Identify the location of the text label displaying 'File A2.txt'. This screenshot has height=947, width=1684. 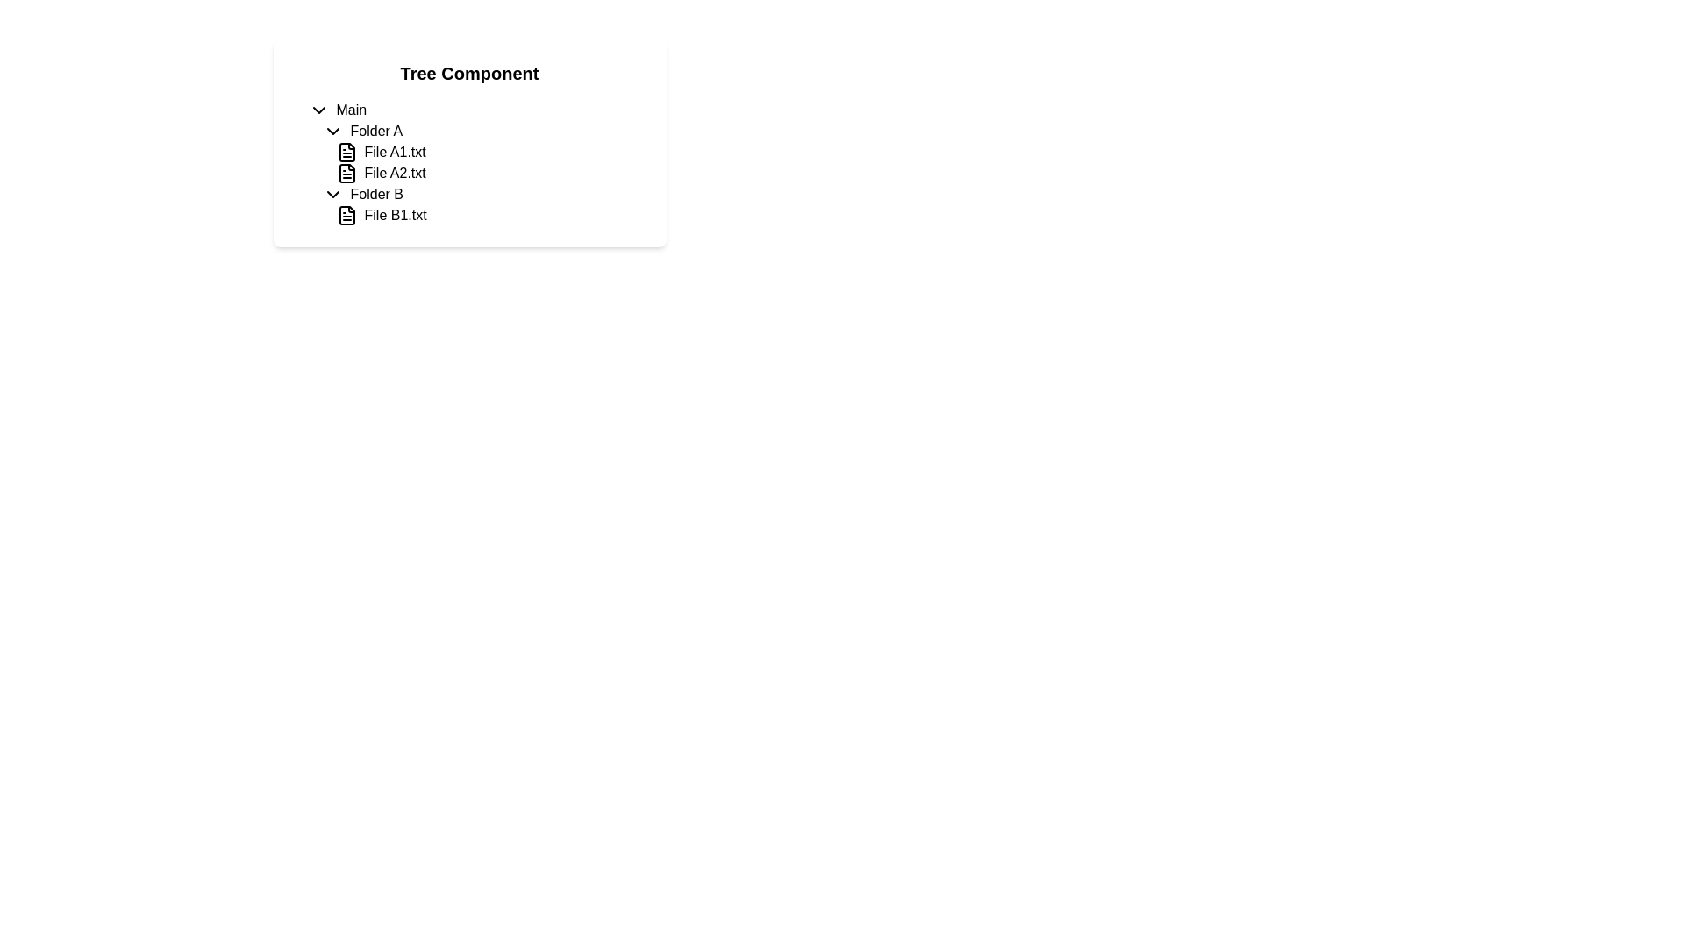
(394, 173).